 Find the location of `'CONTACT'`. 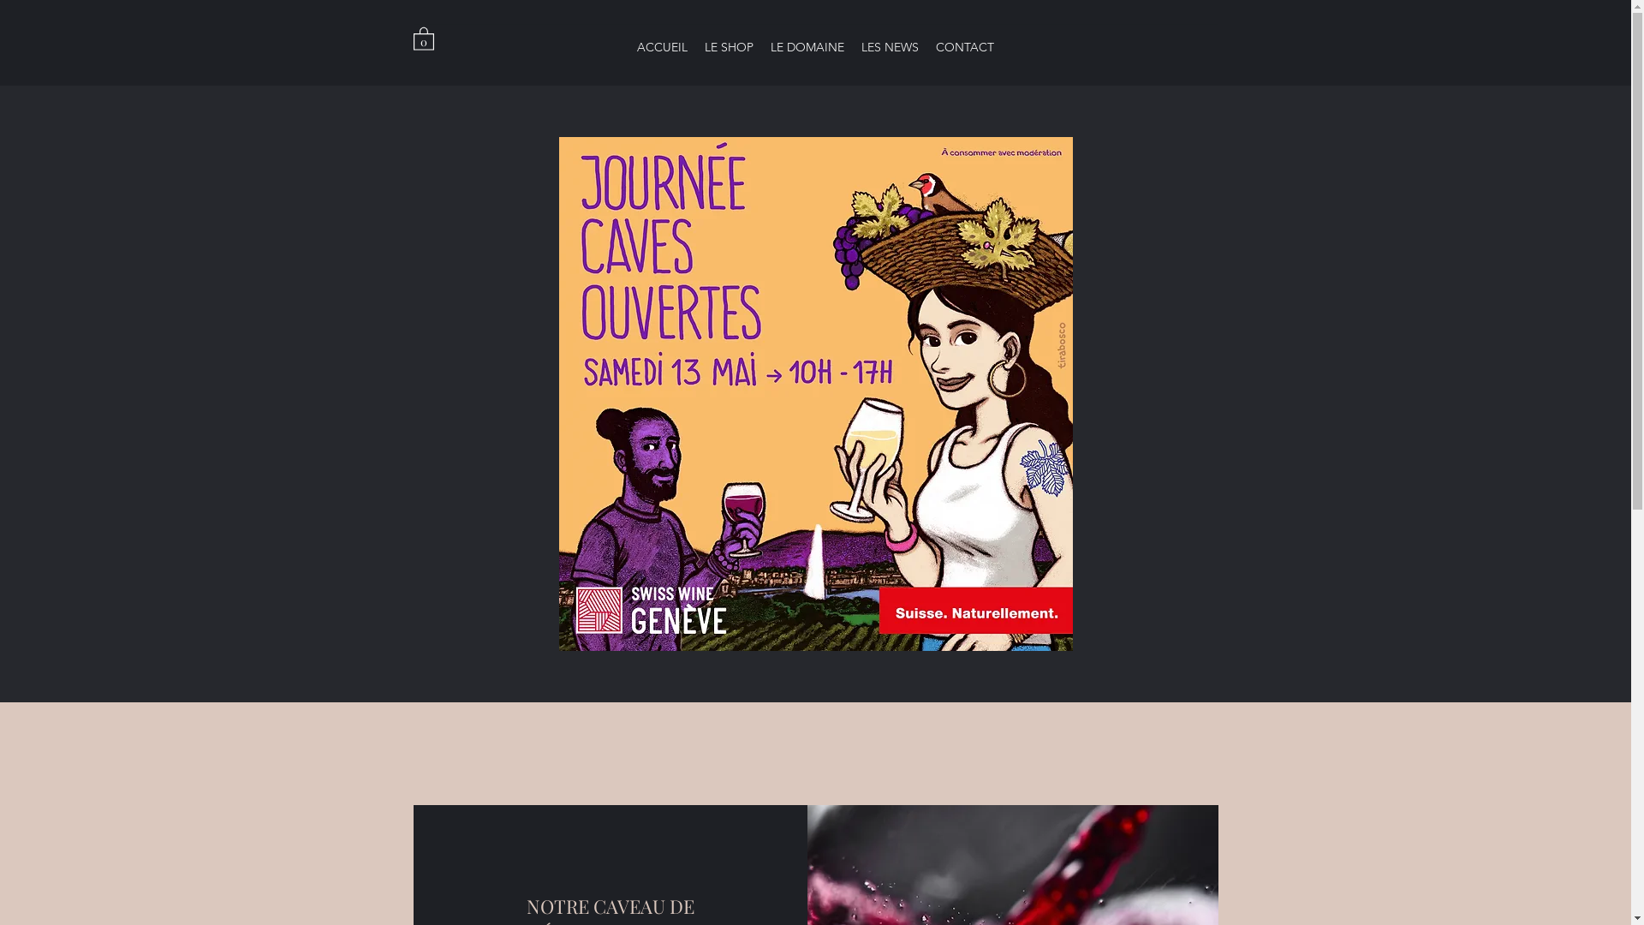

'CONTACT' is located at coordinates (965, 45).